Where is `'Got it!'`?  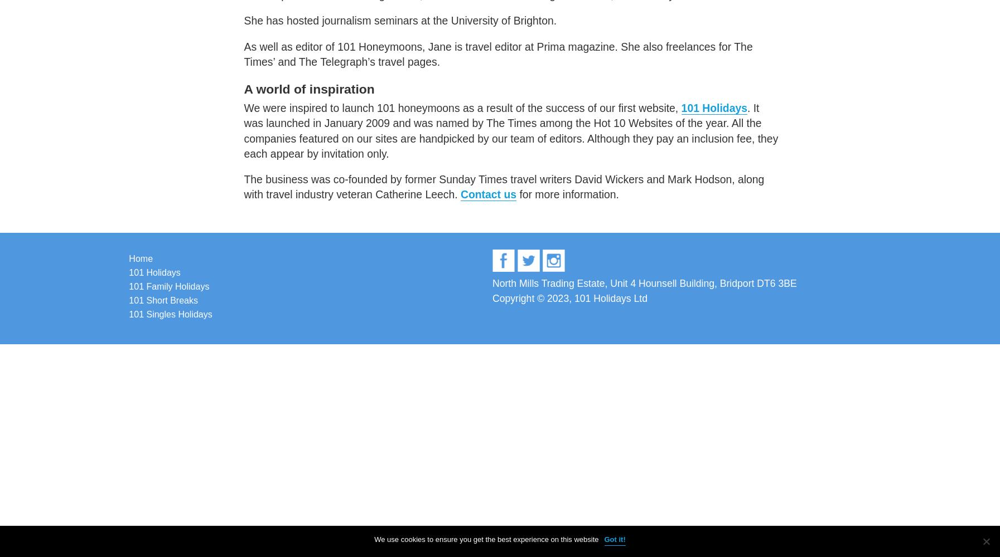
'Got it!' is located at coordinates (614, 539).